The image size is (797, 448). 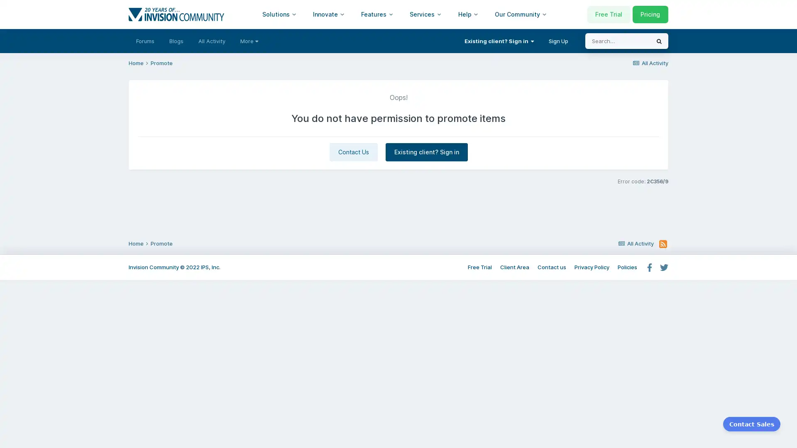 What do you see at coordinates (376, 14) in the screenshot?
I see `Features` at bounding box center [376, 14].